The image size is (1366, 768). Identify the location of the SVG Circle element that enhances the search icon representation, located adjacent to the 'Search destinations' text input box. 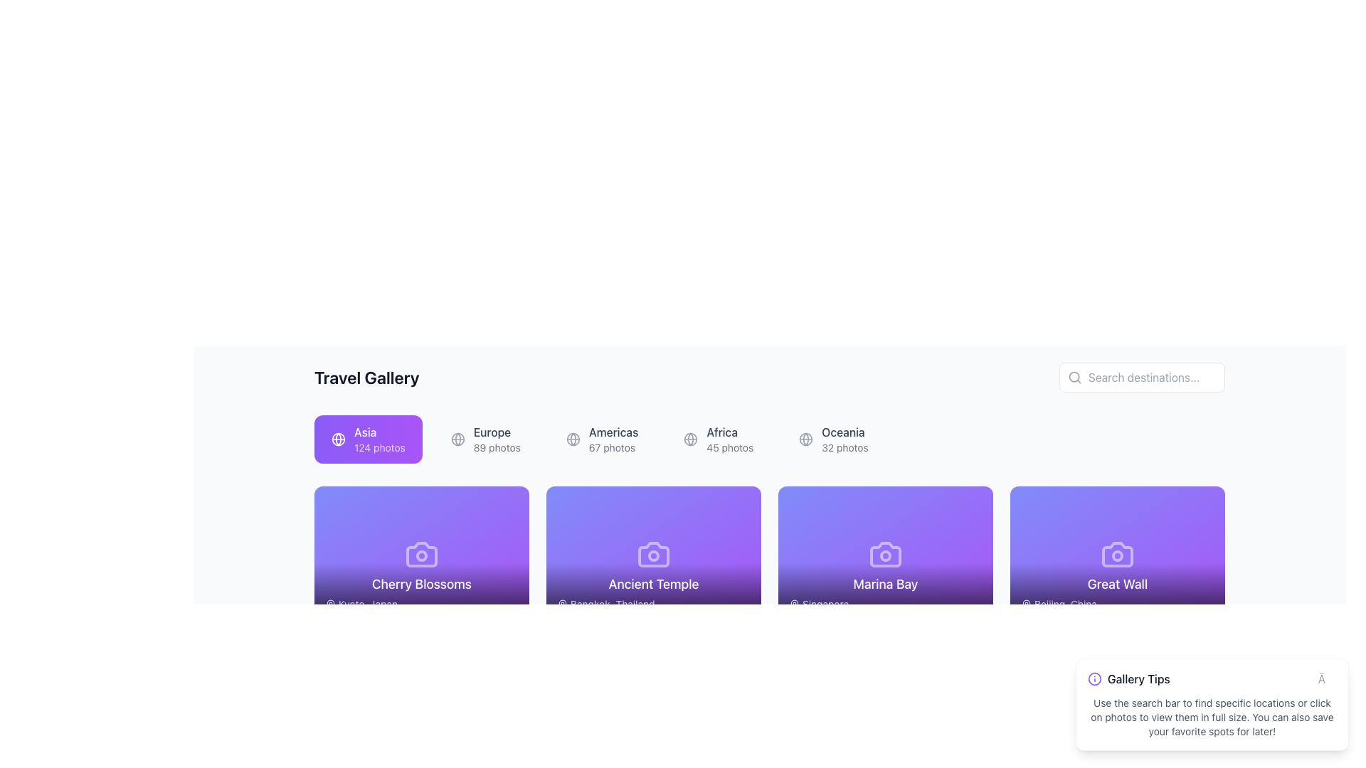
(1074, 376).